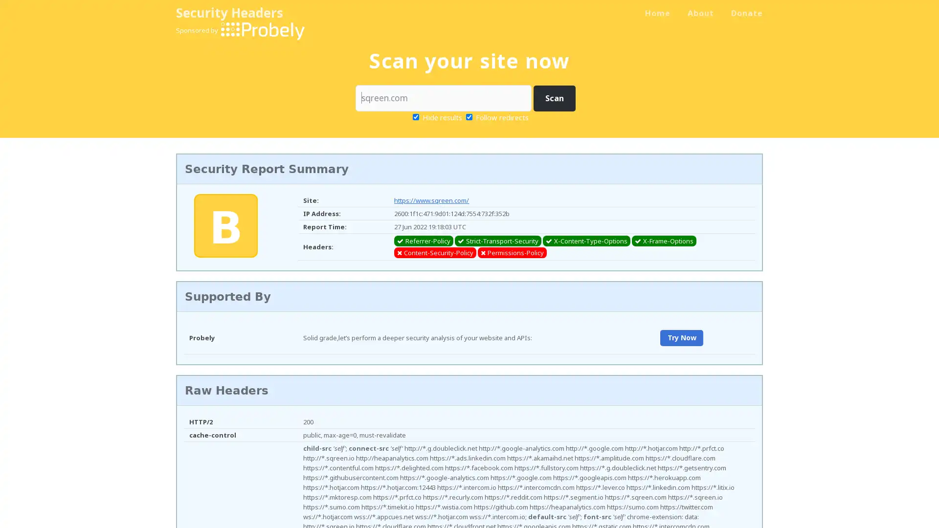 The image size is (939, 528). I want to click on Try Now, so click(681, 337).